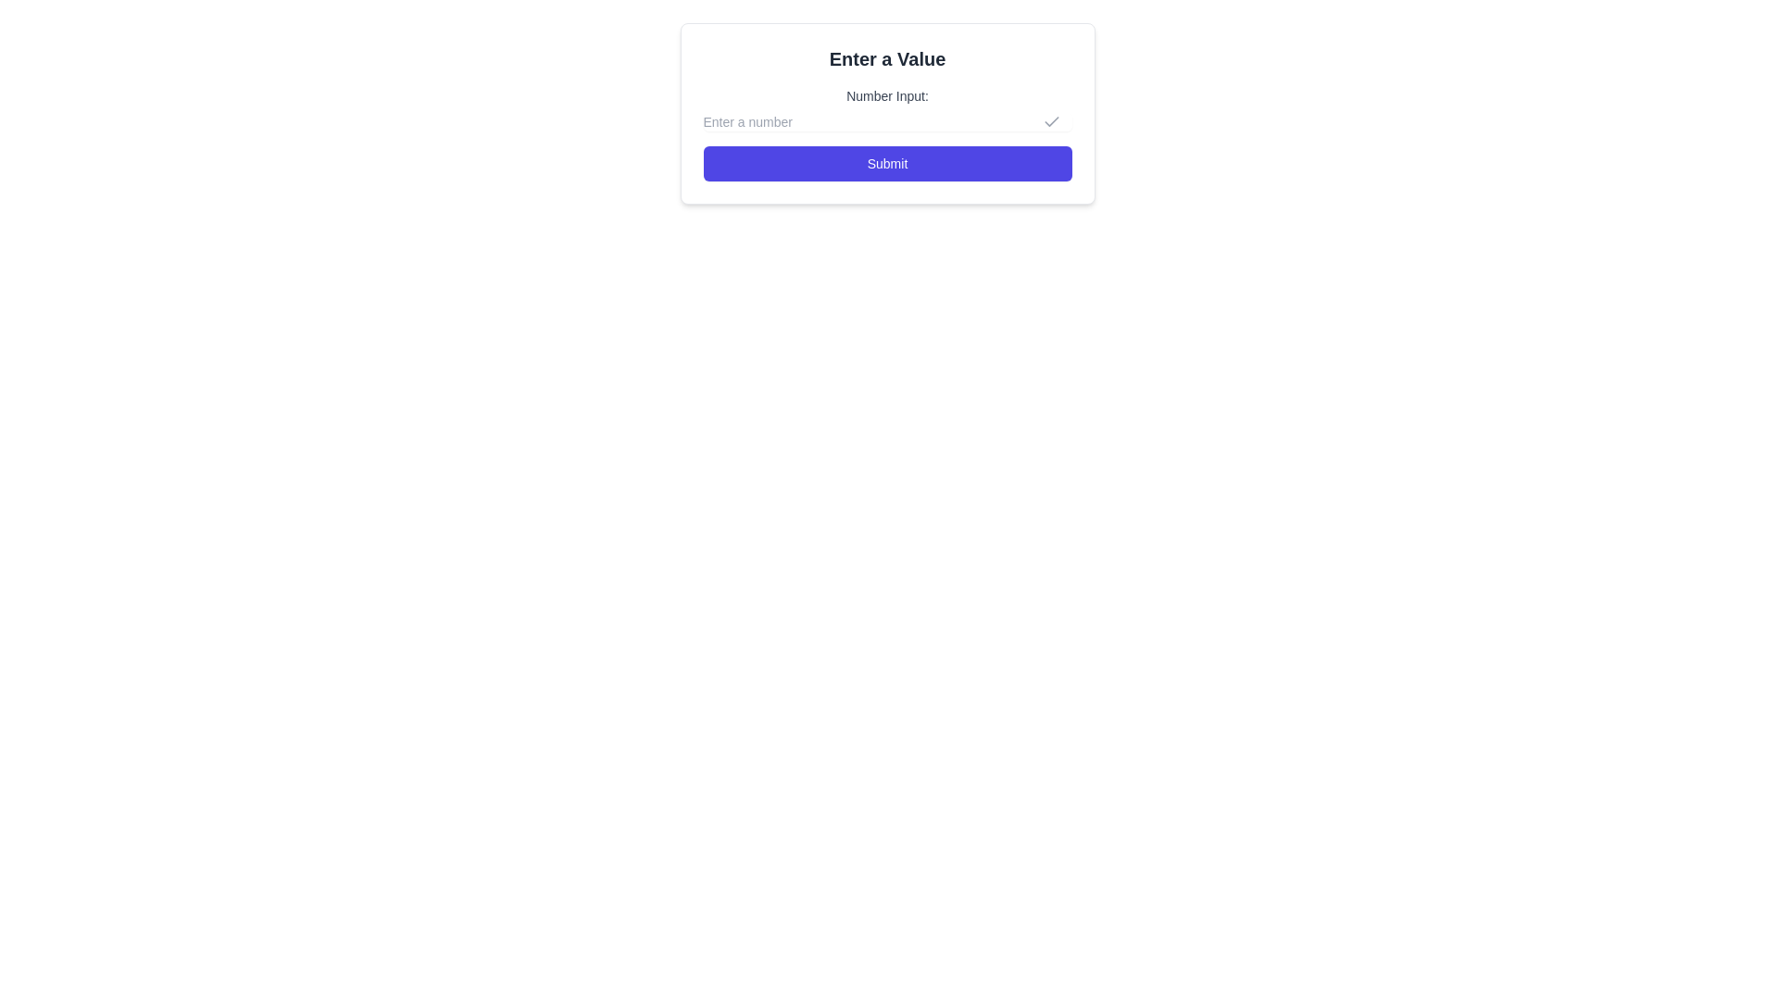 The height and width of the screenshot is (1000, 1778). I want to click on the 'Submit' button, which is a rectangular button with rounded corners and an indigo background, located below the 'Number Input:' field, so click(886, 163).